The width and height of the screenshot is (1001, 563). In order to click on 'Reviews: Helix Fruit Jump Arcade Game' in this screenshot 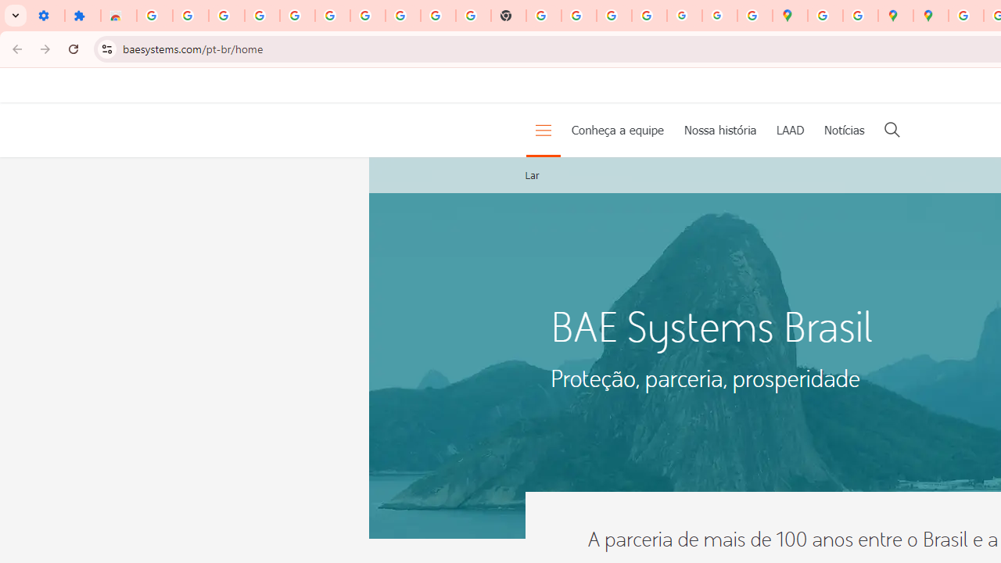, I will do `click(118, 16)`.